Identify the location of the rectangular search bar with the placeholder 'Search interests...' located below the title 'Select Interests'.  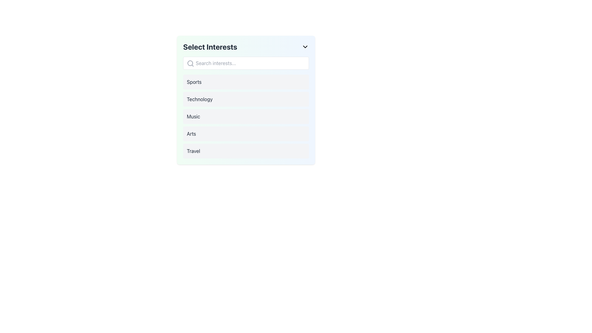
(245, 63).